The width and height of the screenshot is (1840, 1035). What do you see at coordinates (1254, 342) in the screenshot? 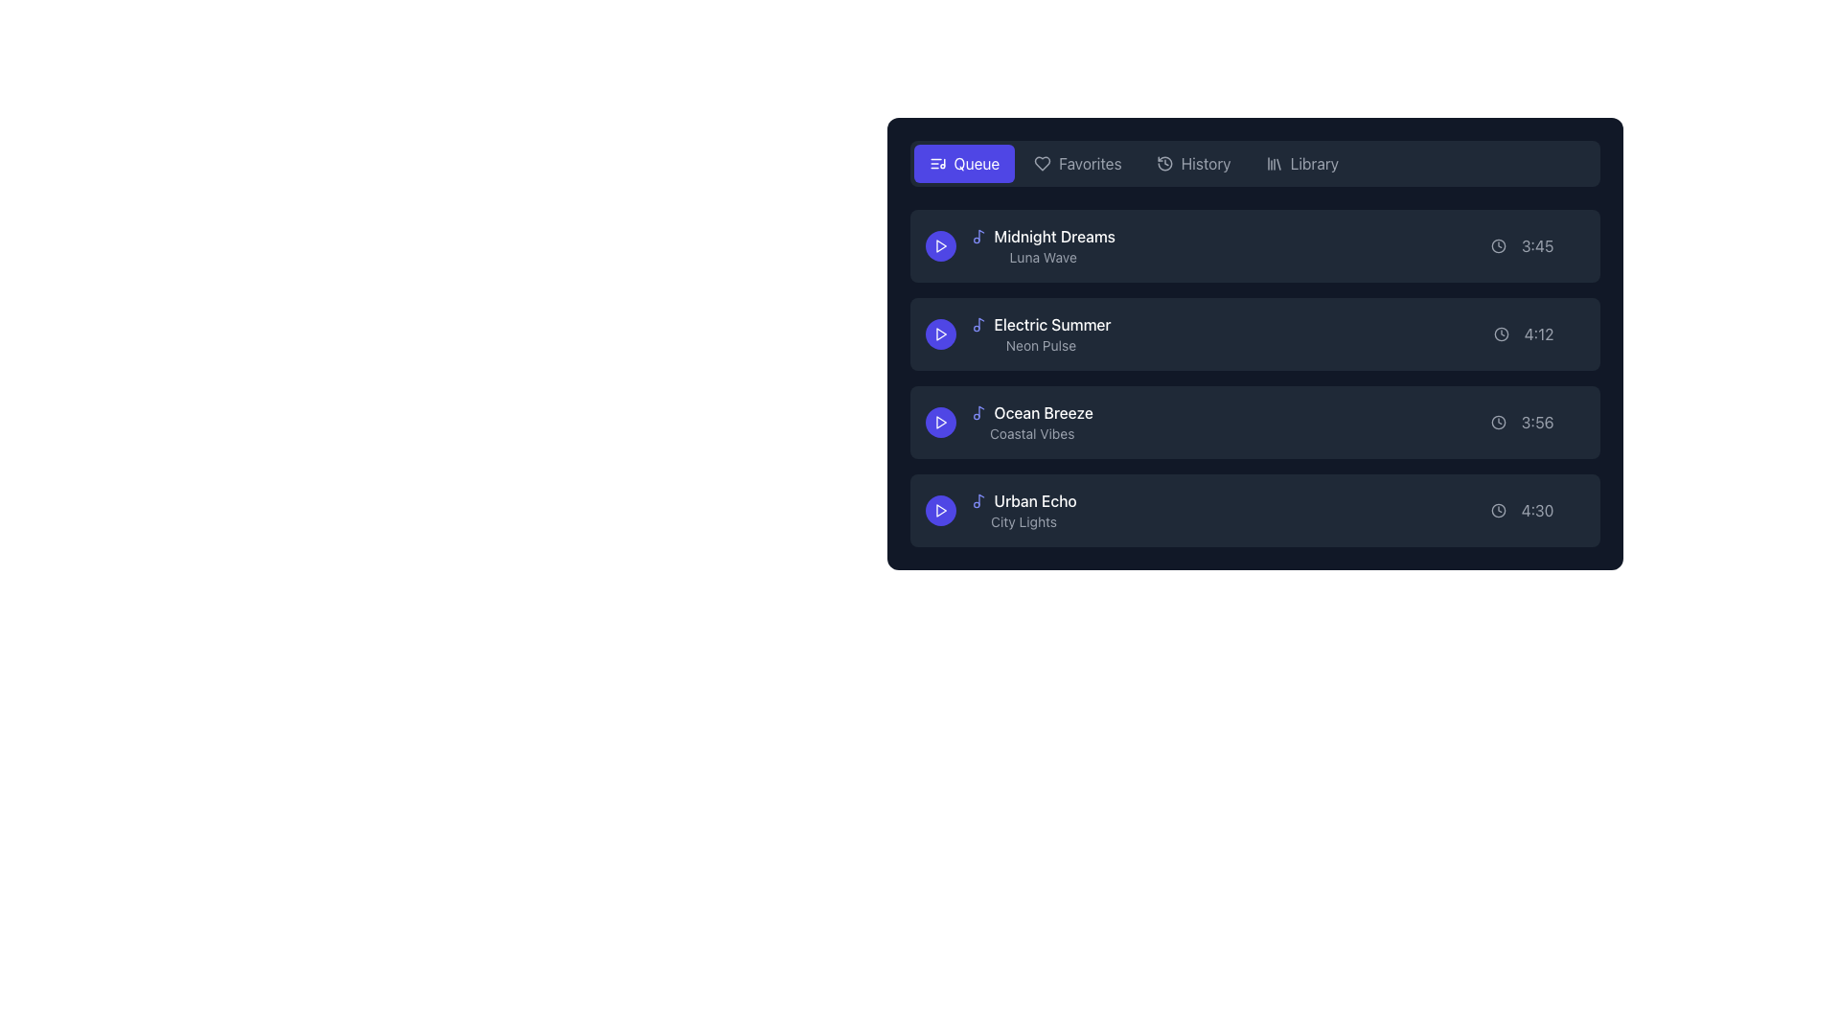
I see `the second list item in the media or playlist interface` at bounding box center [1254, 342].